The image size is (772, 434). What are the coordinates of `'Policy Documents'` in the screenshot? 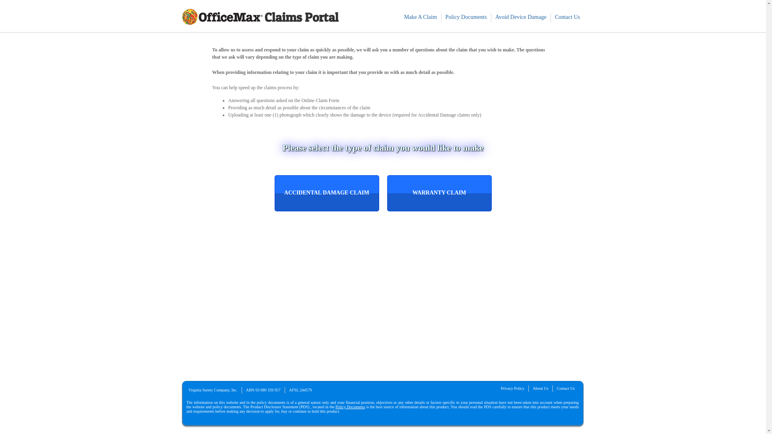 It's located at (466, 17).